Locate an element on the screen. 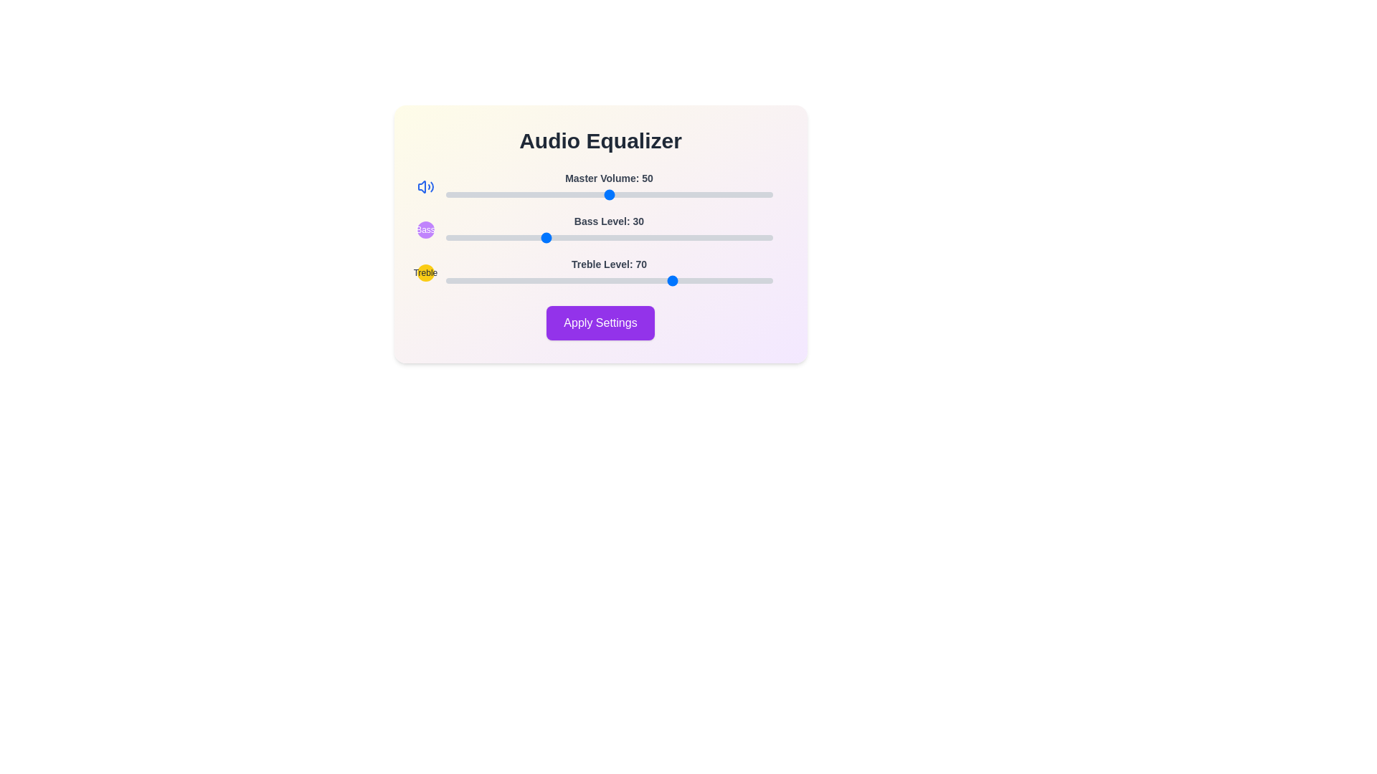 Image resolution: width=1377 pixels, height=774 pixels. the bass level is located at coordinates (768, 236).